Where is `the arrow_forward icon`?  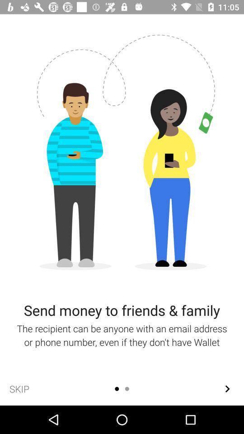 the arrow_forward icon is located at coordinates (227, 388).